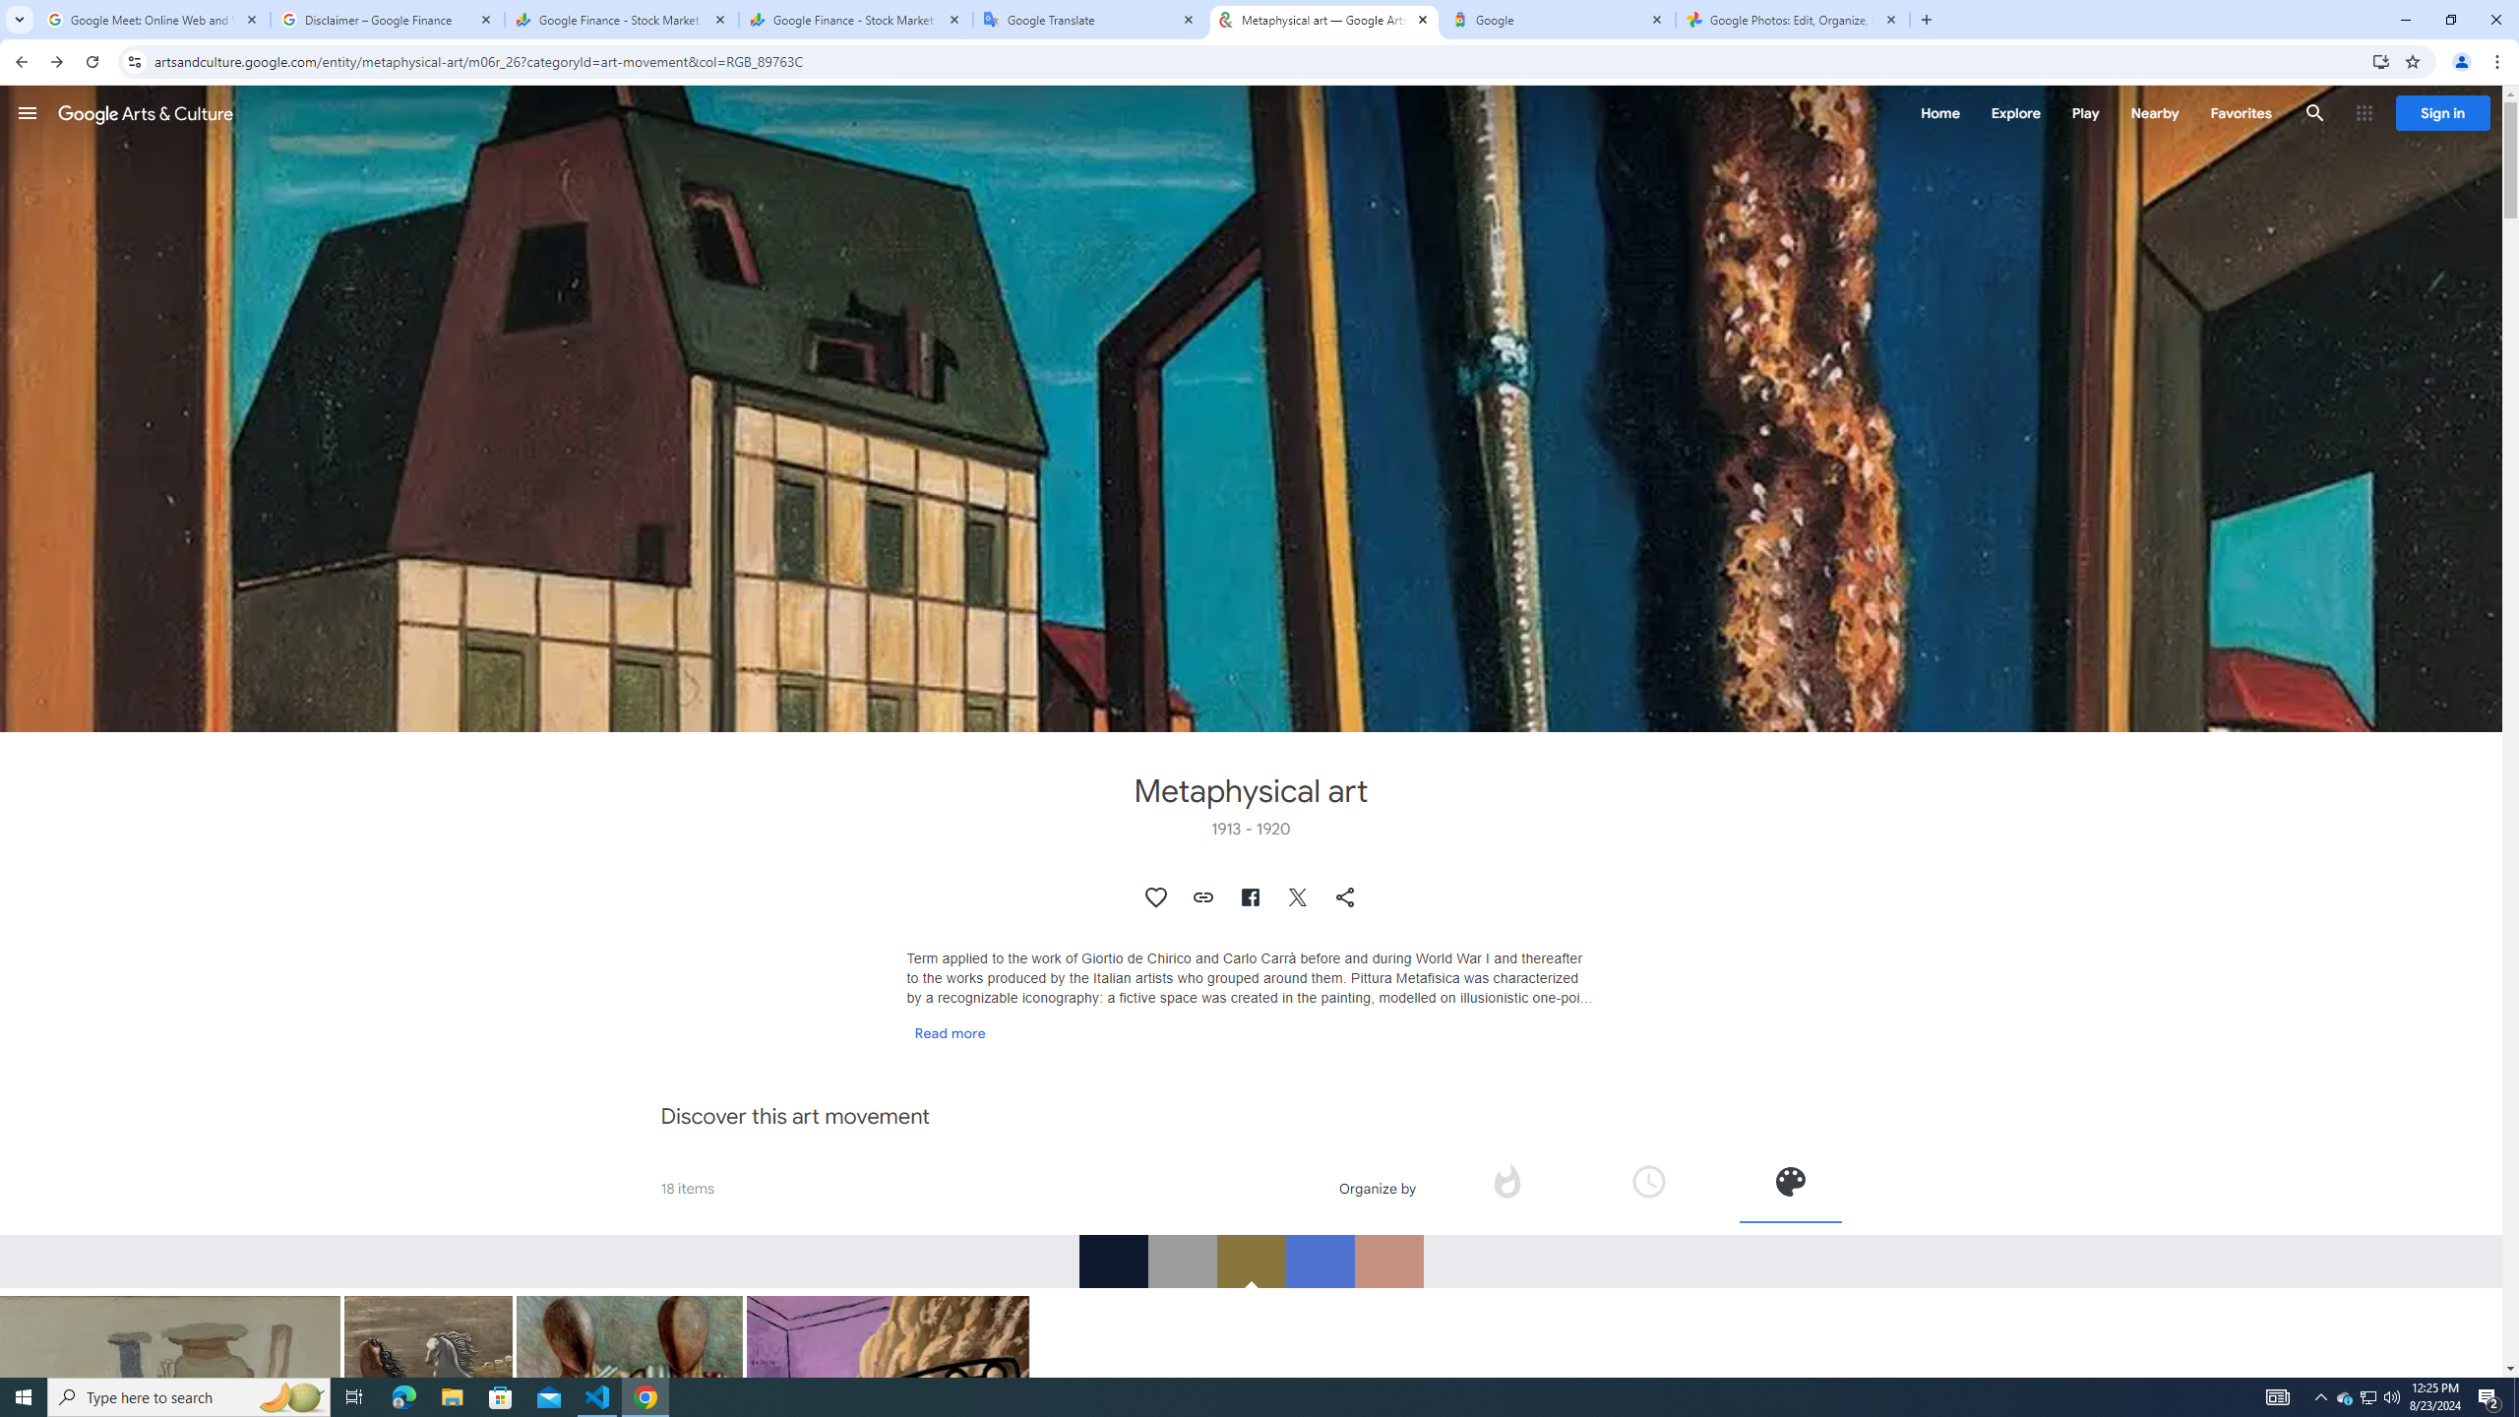 This screenshot has height=1417, width=2519. Describe the element at coordinates (1320, 1260) in the screenshot. I see `'RGB_4D72D0'` at that location.